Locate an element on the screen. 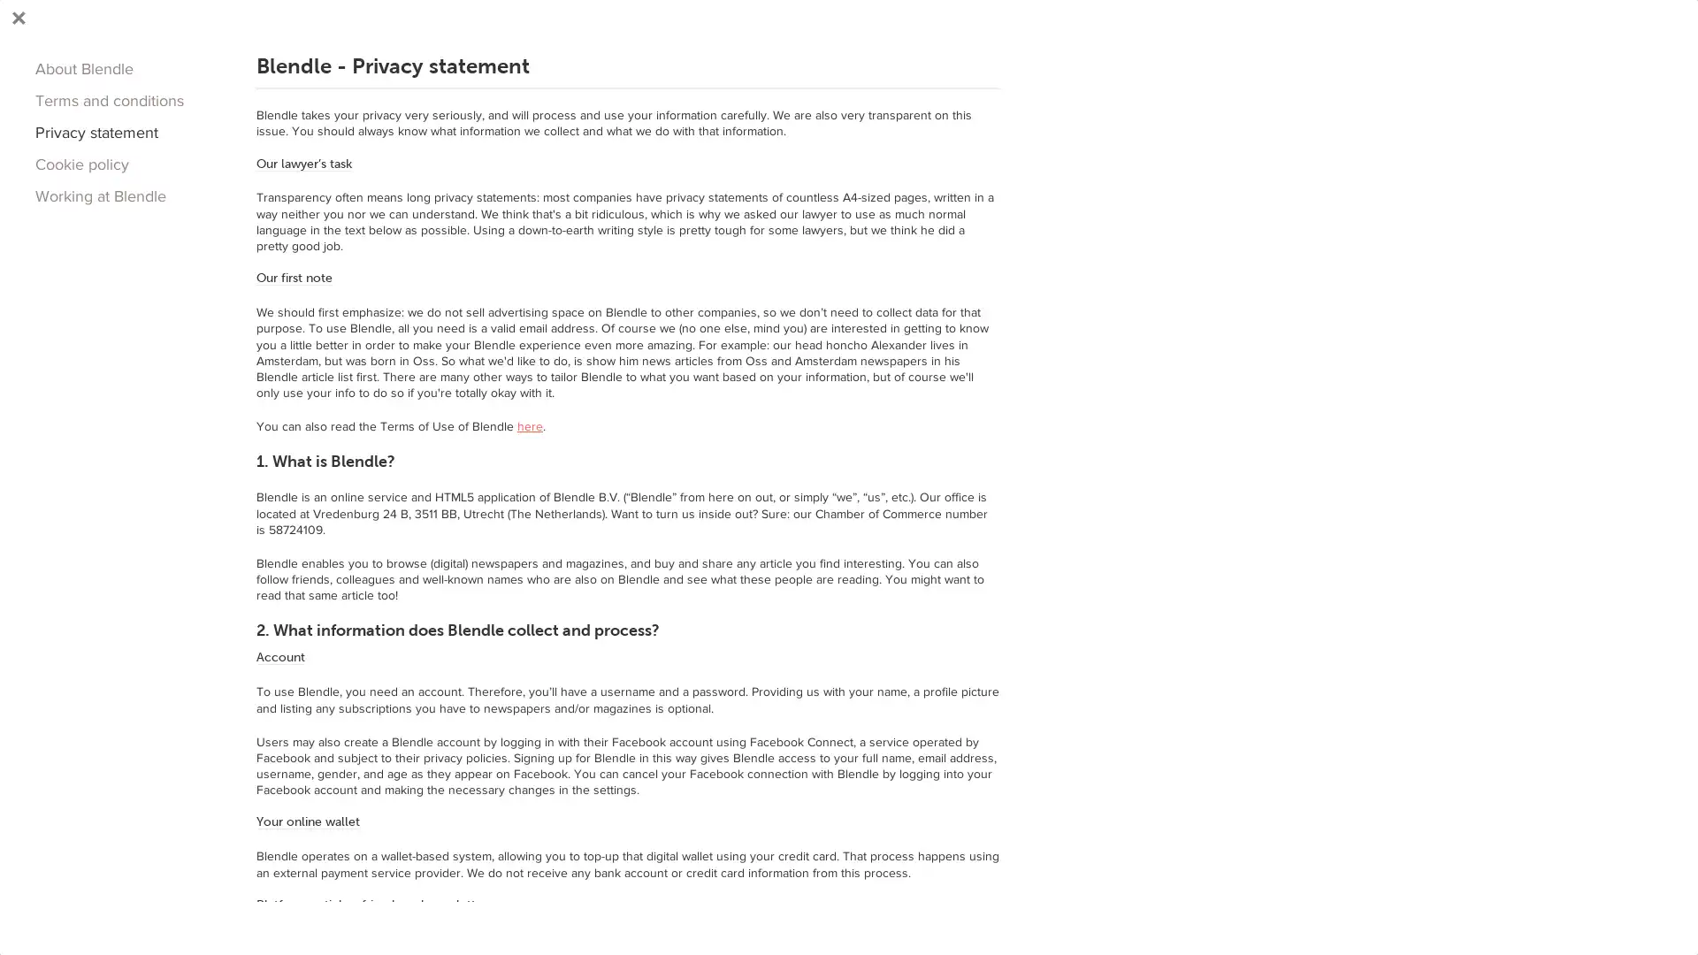 This screenshot has height=955, width=1698. No problem! is located at coordinates (1138, 910).